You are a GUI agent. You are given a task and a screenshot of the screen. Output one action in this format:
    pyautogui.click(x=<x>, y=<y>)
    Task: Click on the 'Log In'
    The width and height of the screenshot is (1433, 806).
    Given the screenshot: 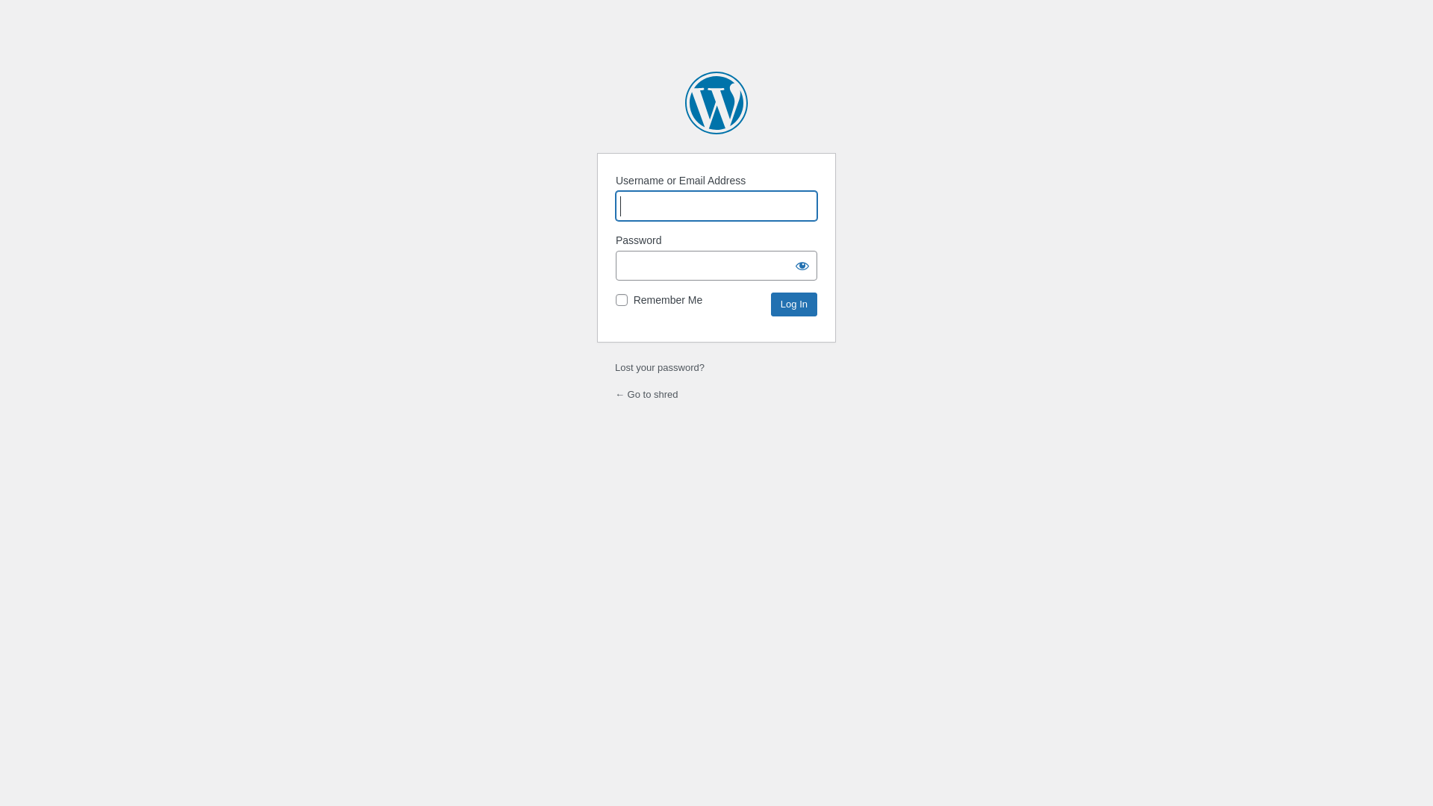 What is the action you would take?
    pyautogui.click(x=793, y=304)
    